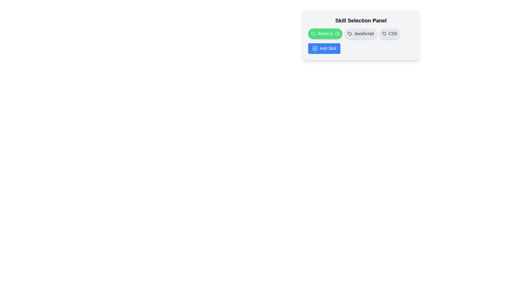 This screenshot has height=285, width=507. What do you see at coordinates (328, 49) in the screenshot?
I see `the text label that represents an action trigger for adding a skill, located in the lower-right section of the 'Skill Selection Panel' within a button-like component with a circular plus icon` at bounding box center [328, 49].